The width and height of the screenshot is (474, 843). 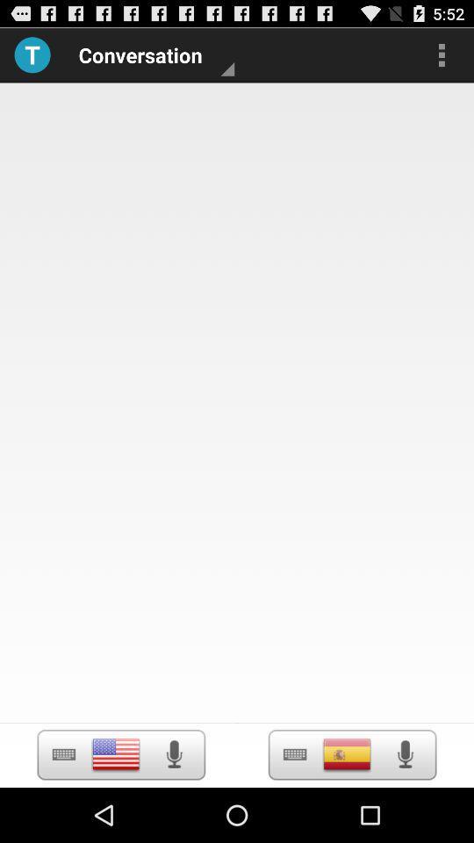 I want to click on the national_flag icon, so click(x=116, y=808).